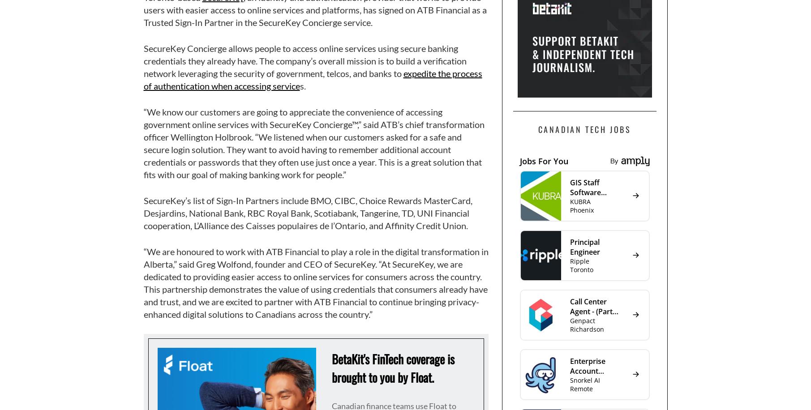 The image size is (811, 410). What do you see at coordinates (307, 213) in the screenshot?
I see `'SecureKey’s list of Sign-In Partners include BMO, CIBC, Choice Rewards MasterCard, Desjardins, National Bank, RBC Royal Bank, Scotiabank, Tangerine, TD, UNI Financial cooperation, L’Alliance des Caisses populaires de l’Ontario, and Affinity Credit Union.'` at bounding box center [307, 213].